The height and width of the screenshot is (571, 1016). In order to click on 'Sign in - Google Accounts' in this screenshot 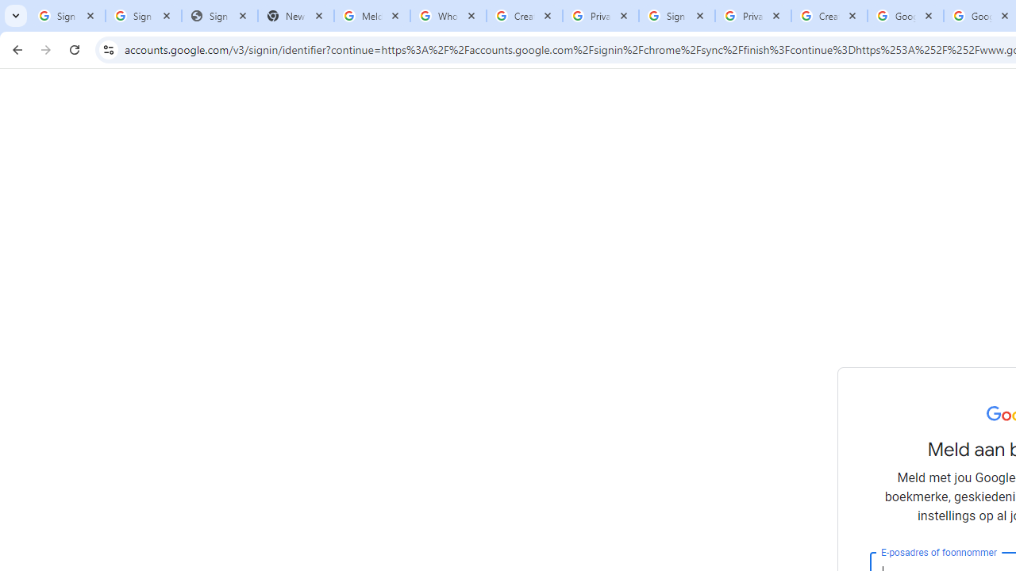, I will do `click(67, 16)`.